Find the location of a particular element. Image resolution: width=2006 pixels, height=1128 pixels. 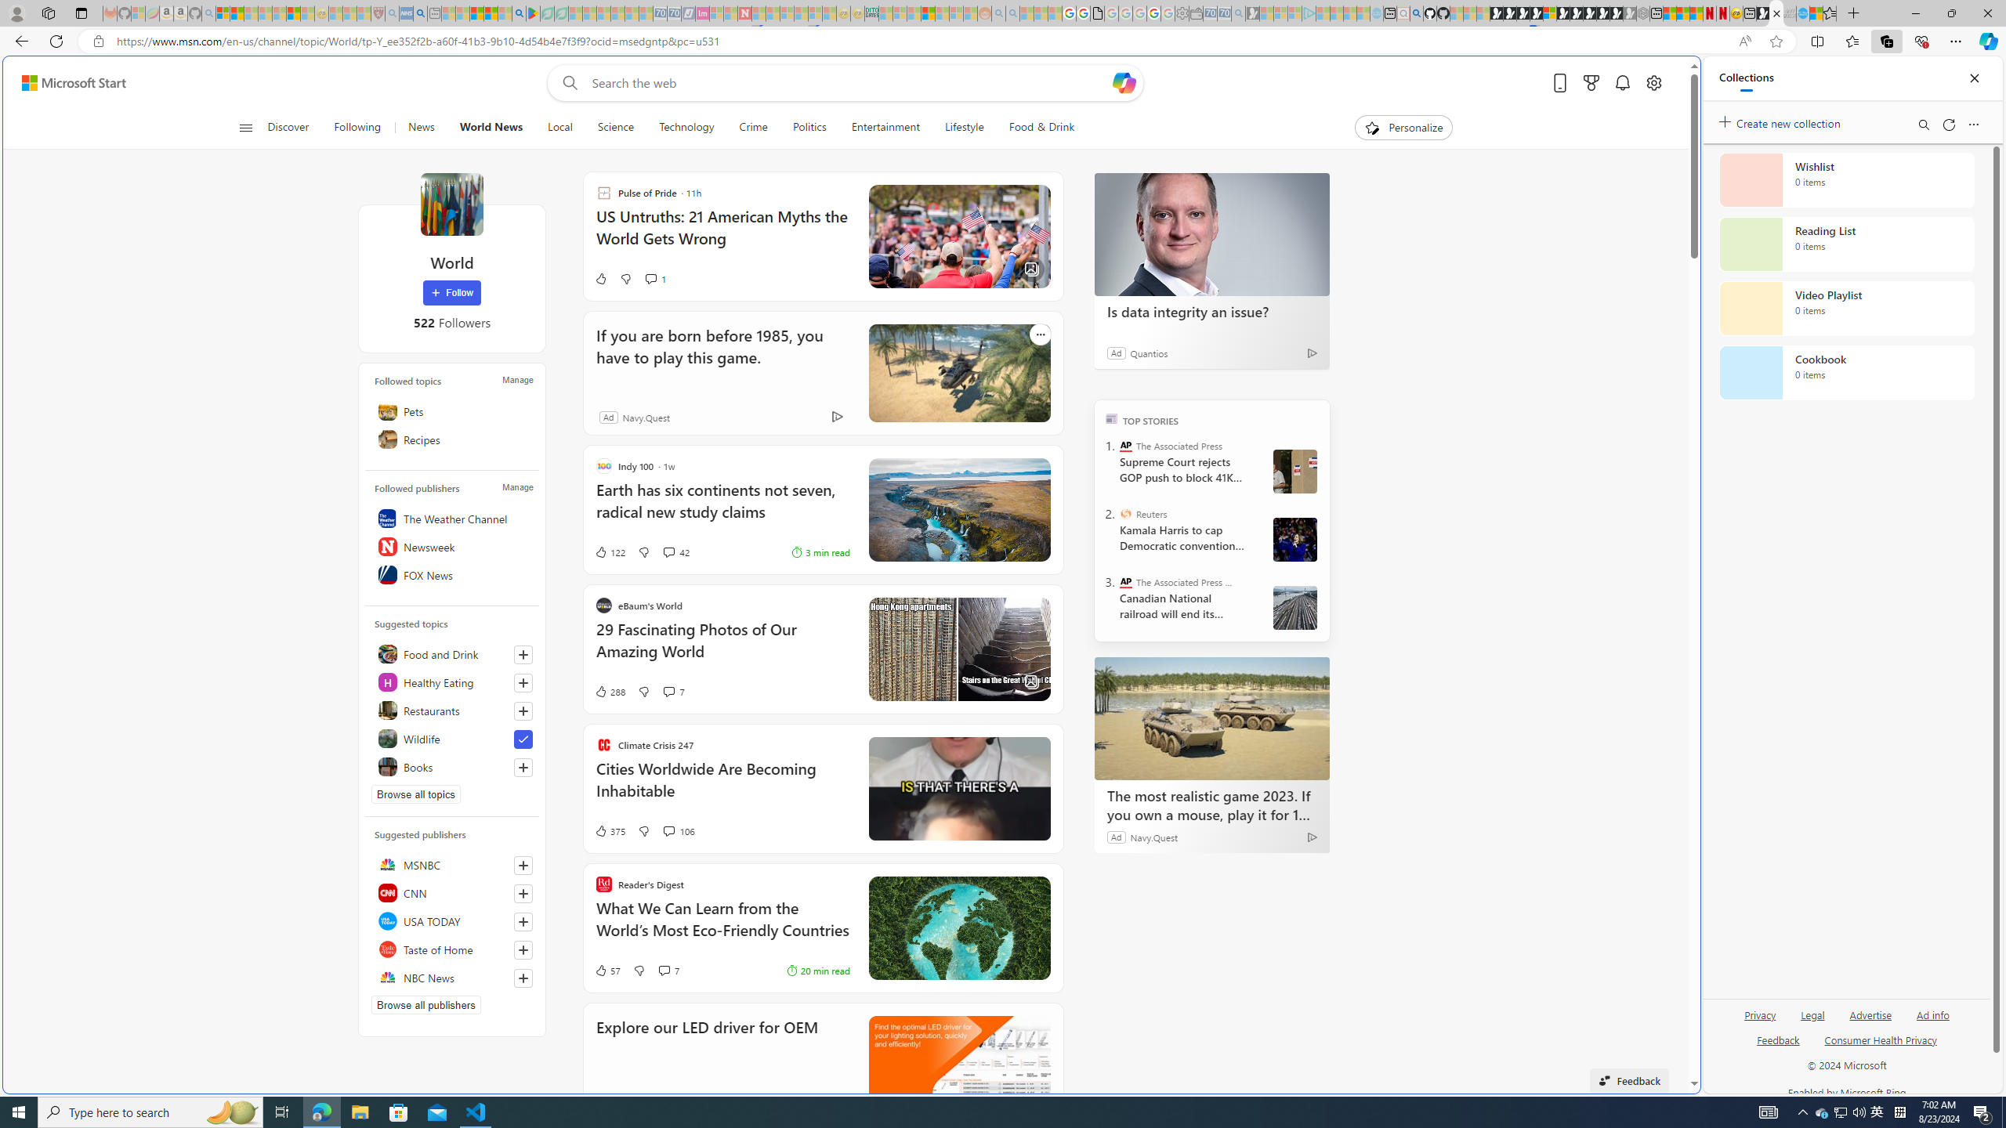

'288 Like' is located at coordinates (610, 691).